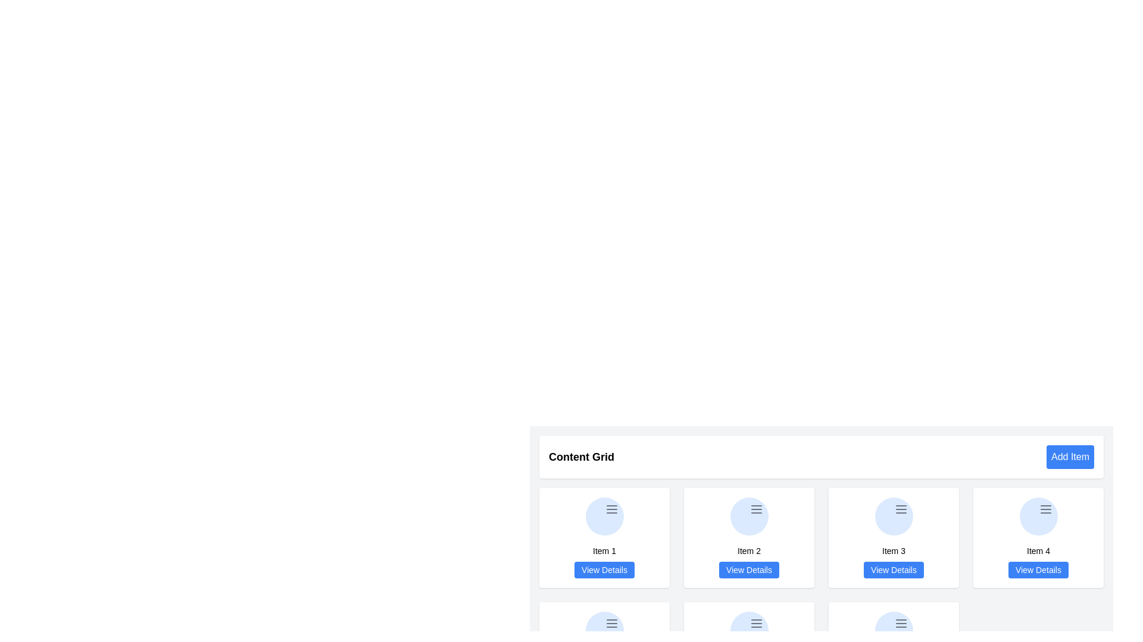  Describe the element at coordinates (901, 623) in the screenshot. I see `the icon representing a menu or options toggle located in the third card of a four-card grid` at that location.